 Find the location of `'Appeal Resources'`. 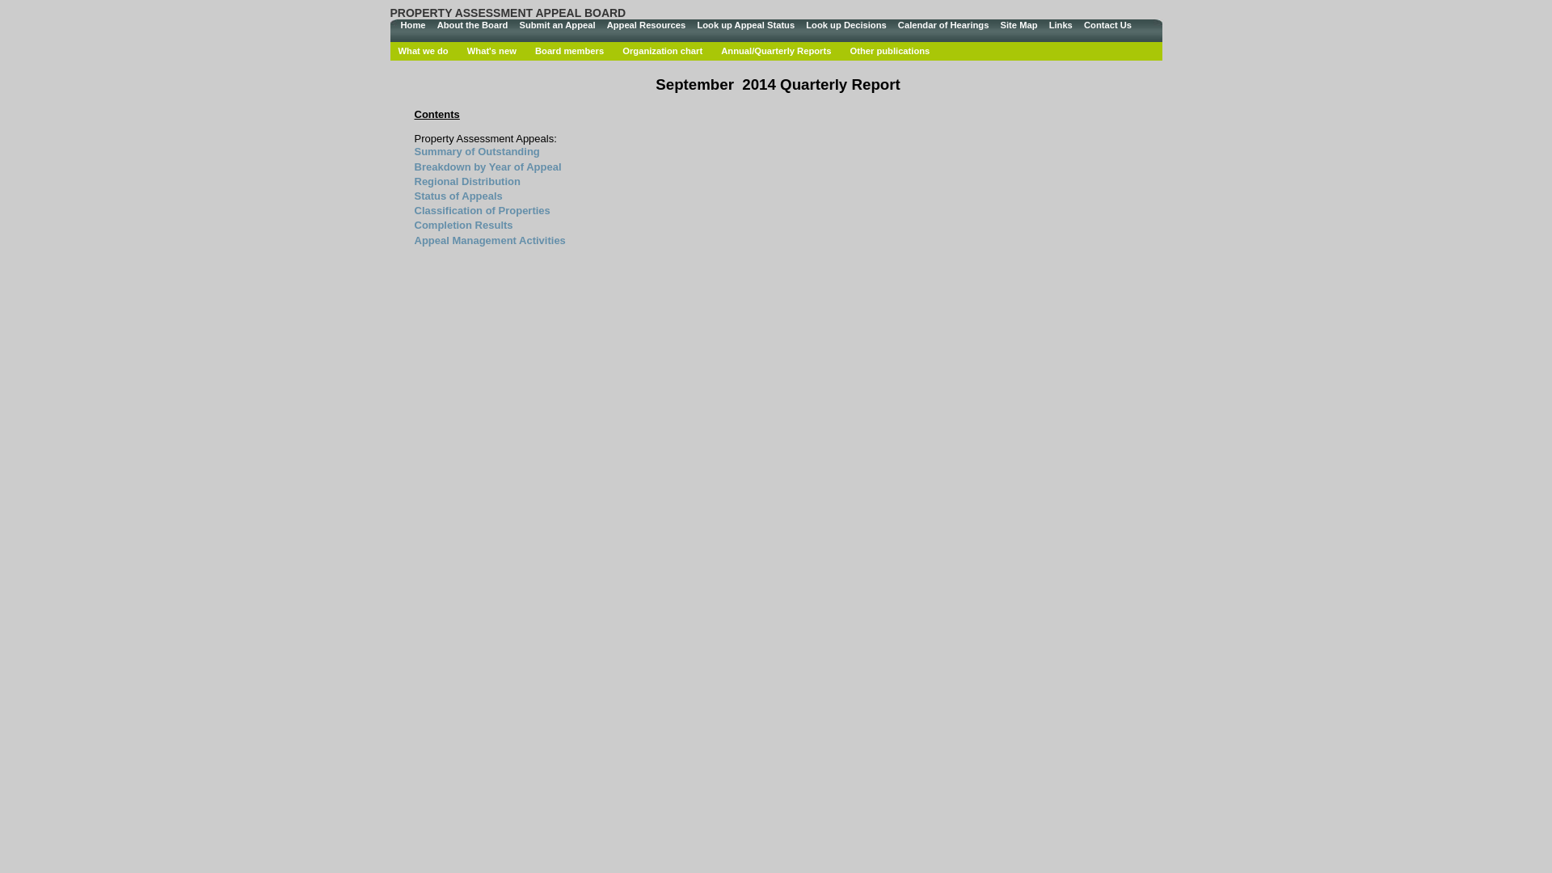

'Appeal Resources' is located at coordinates (647, 25).